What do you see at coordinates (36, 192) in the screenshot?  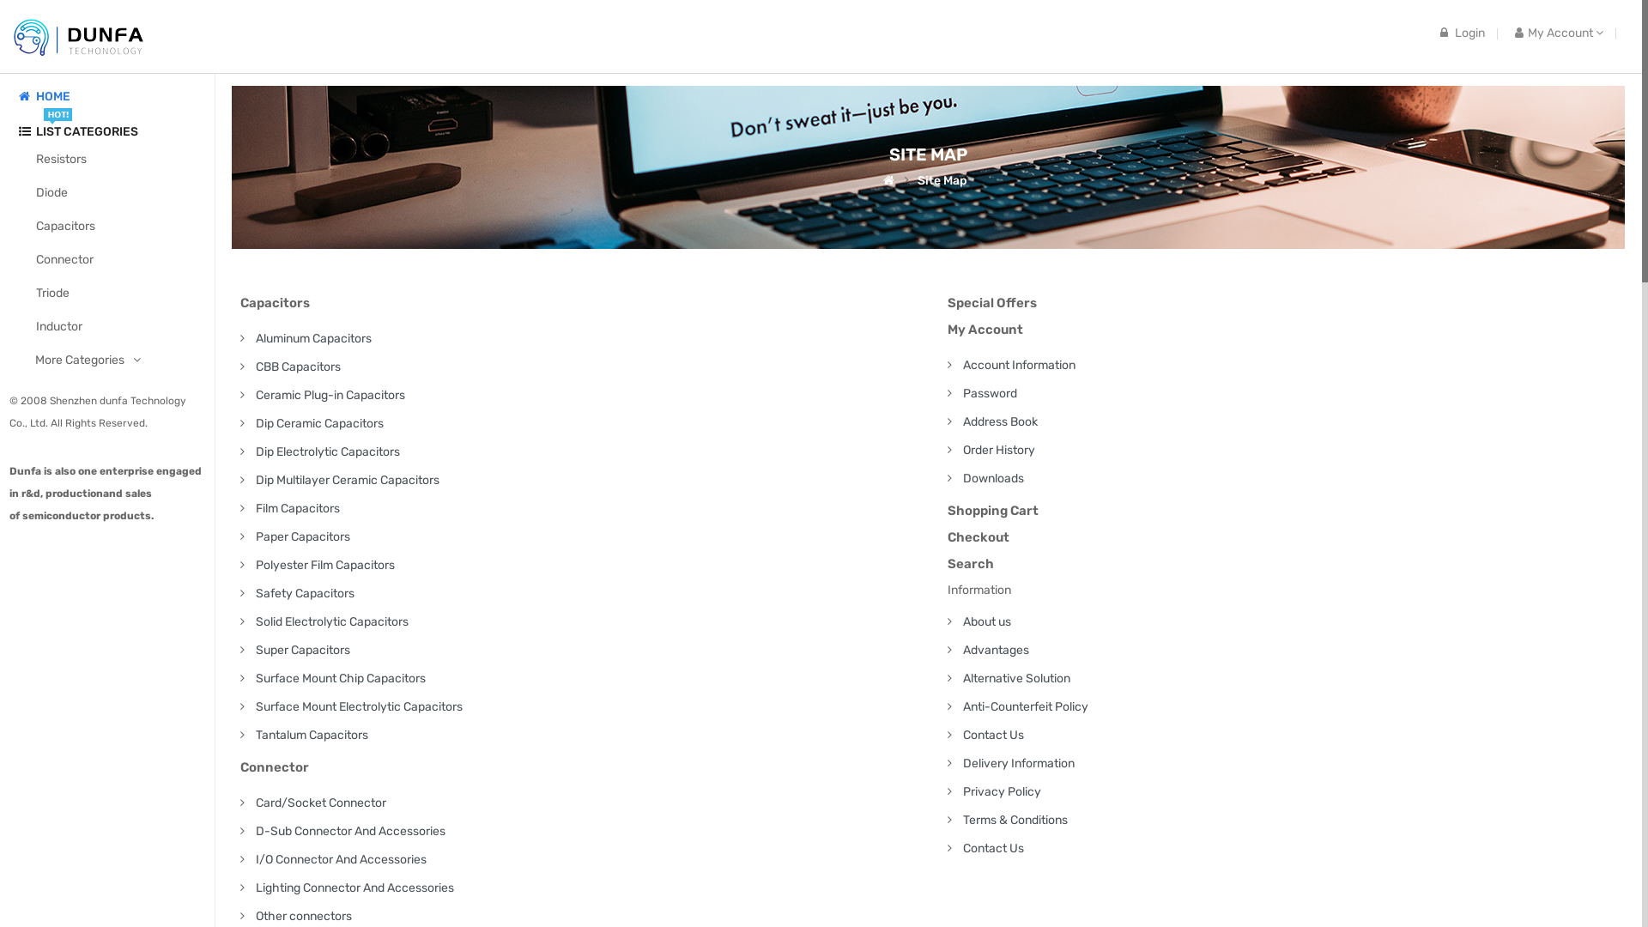 I see `'Diode'` at bounding box center [36, 192].